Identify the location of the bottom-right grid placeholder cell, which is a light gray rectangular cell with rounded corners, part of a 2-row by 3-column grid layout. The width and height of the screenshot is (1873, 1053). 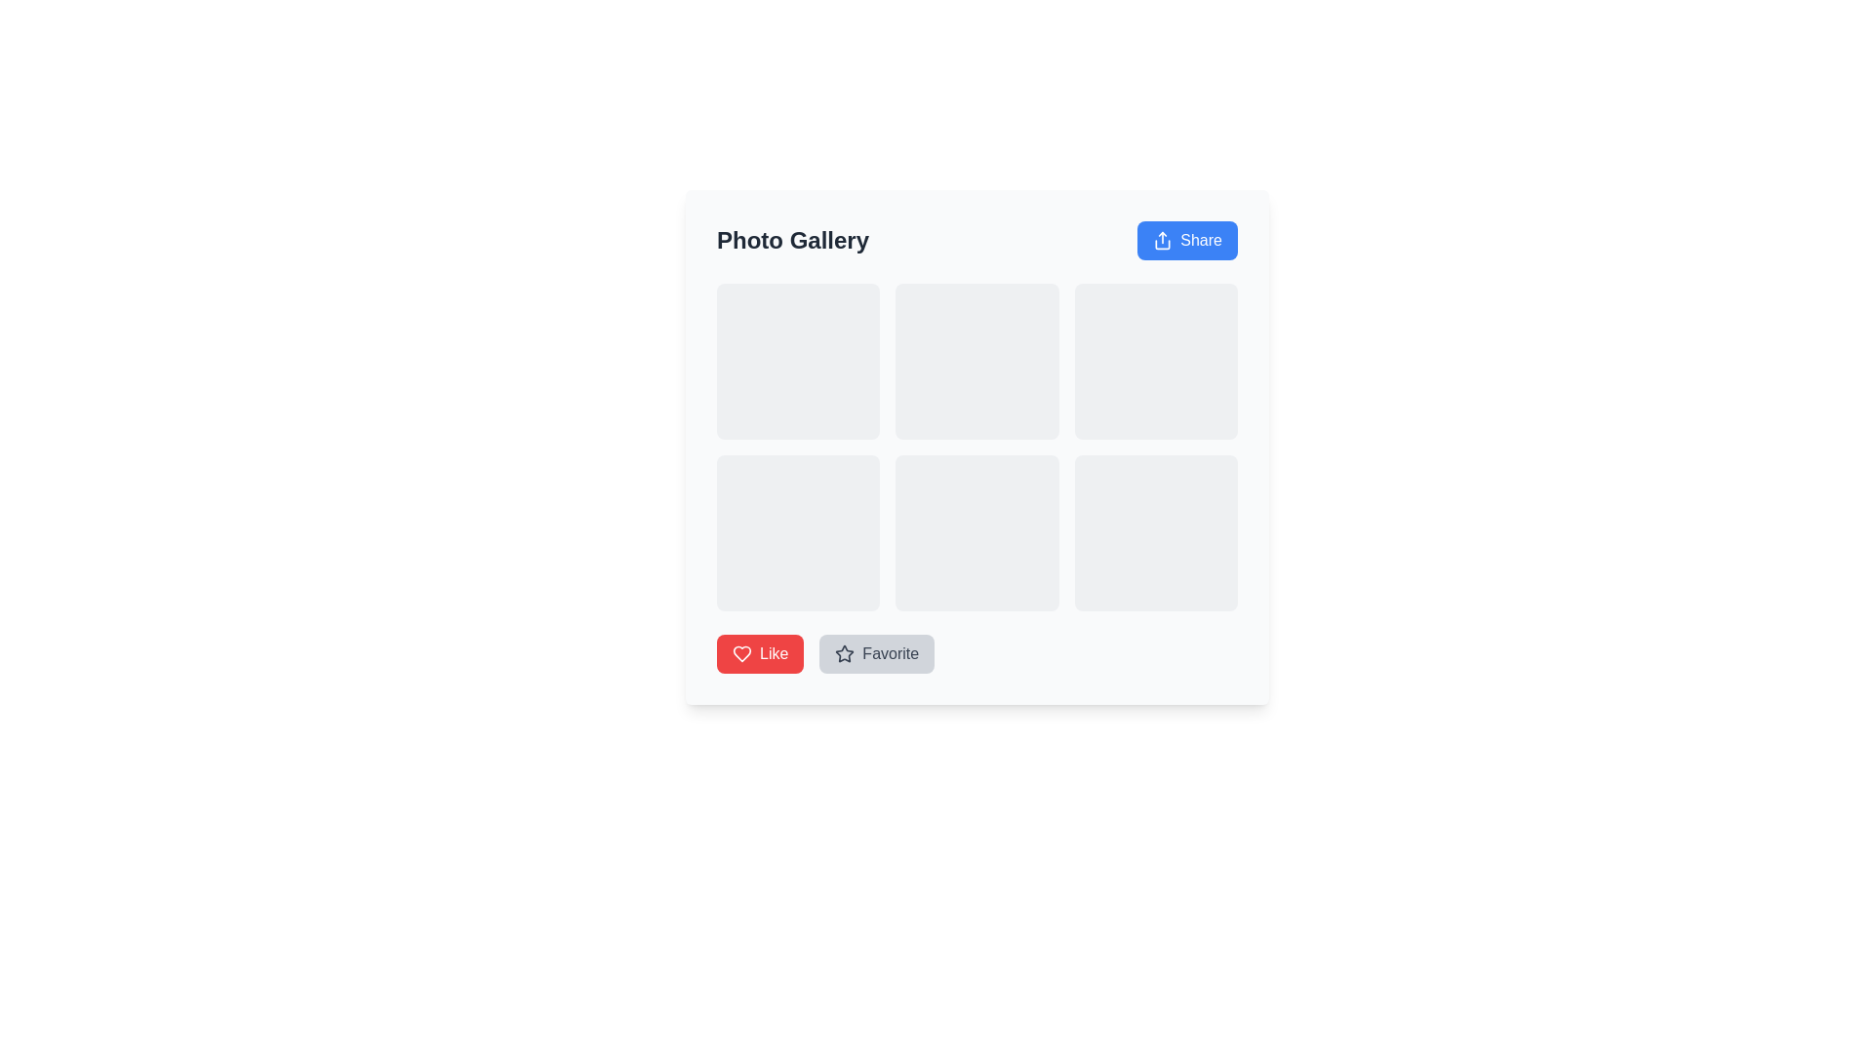
(1156, 533).